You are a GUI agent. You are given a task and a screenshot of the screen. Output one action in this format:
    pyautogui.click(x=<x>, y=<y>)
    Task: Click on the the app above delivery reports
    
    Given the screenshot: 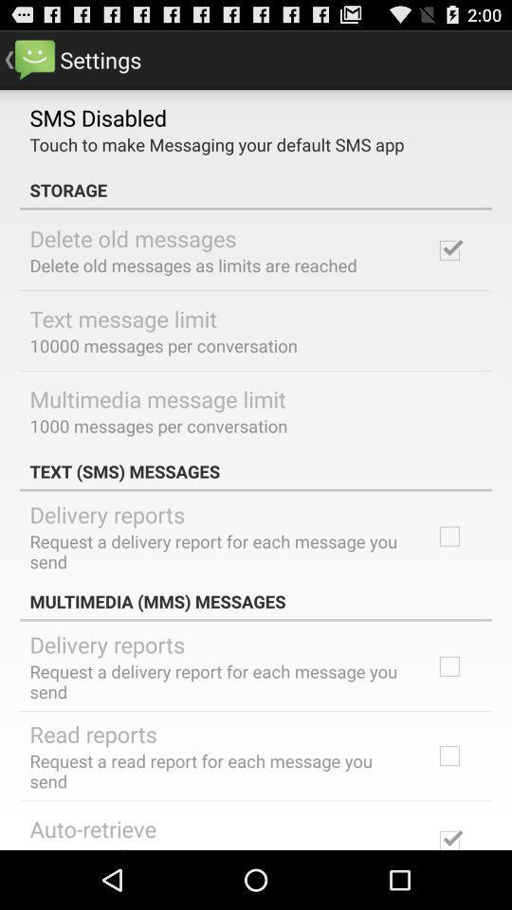 What is the action you would take?
    pyautogui.click(x=256, y=470)
    